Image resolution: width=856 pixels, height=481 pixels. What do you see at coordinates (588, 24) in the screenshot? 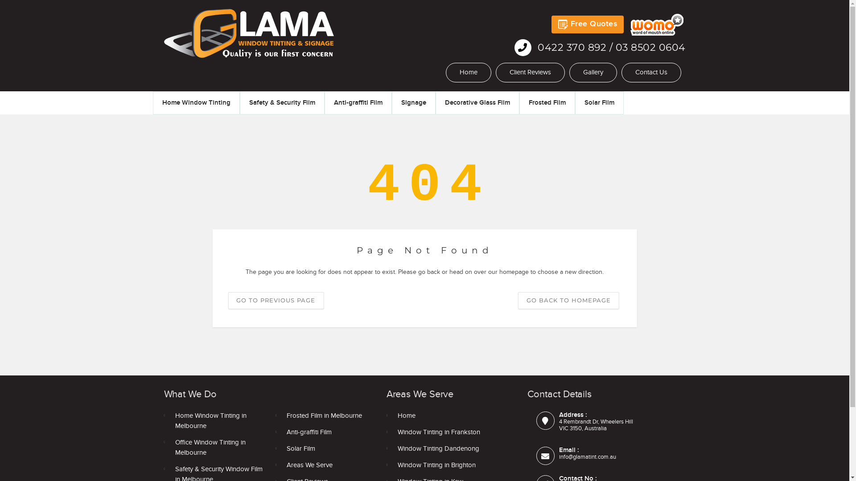
I see `'Free Quotes'` at bounding box center [588, 24].